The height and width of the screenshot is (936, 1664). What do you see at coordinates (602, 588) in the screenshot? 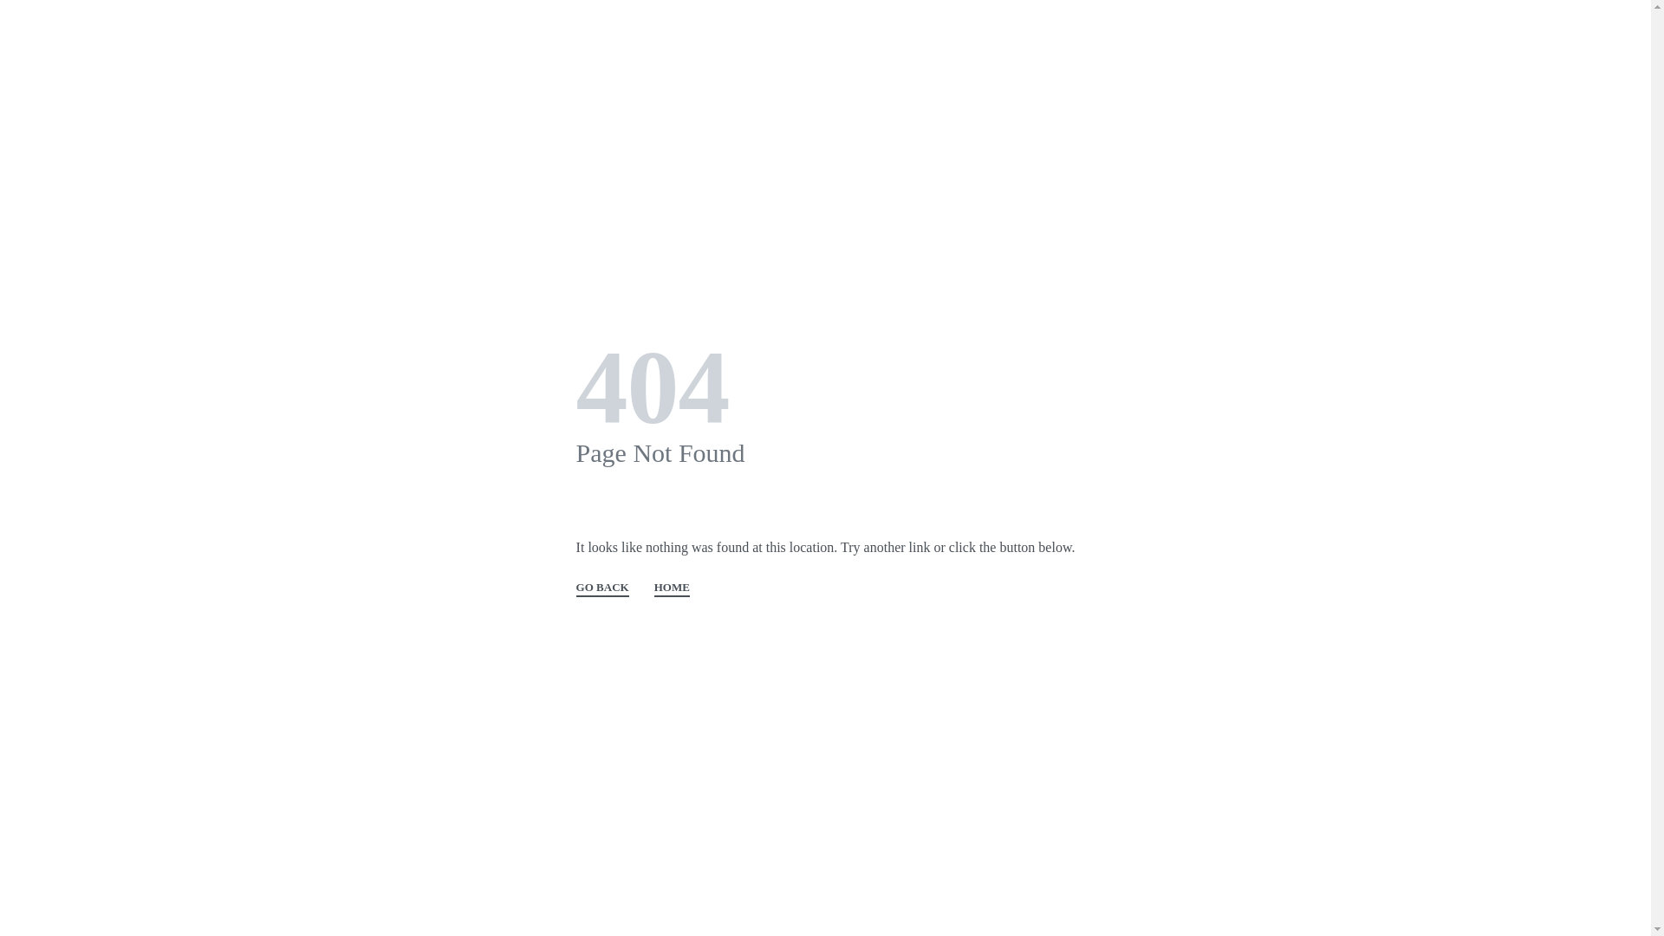
I see `'GO BACK'` at bounding box center [602, 588].